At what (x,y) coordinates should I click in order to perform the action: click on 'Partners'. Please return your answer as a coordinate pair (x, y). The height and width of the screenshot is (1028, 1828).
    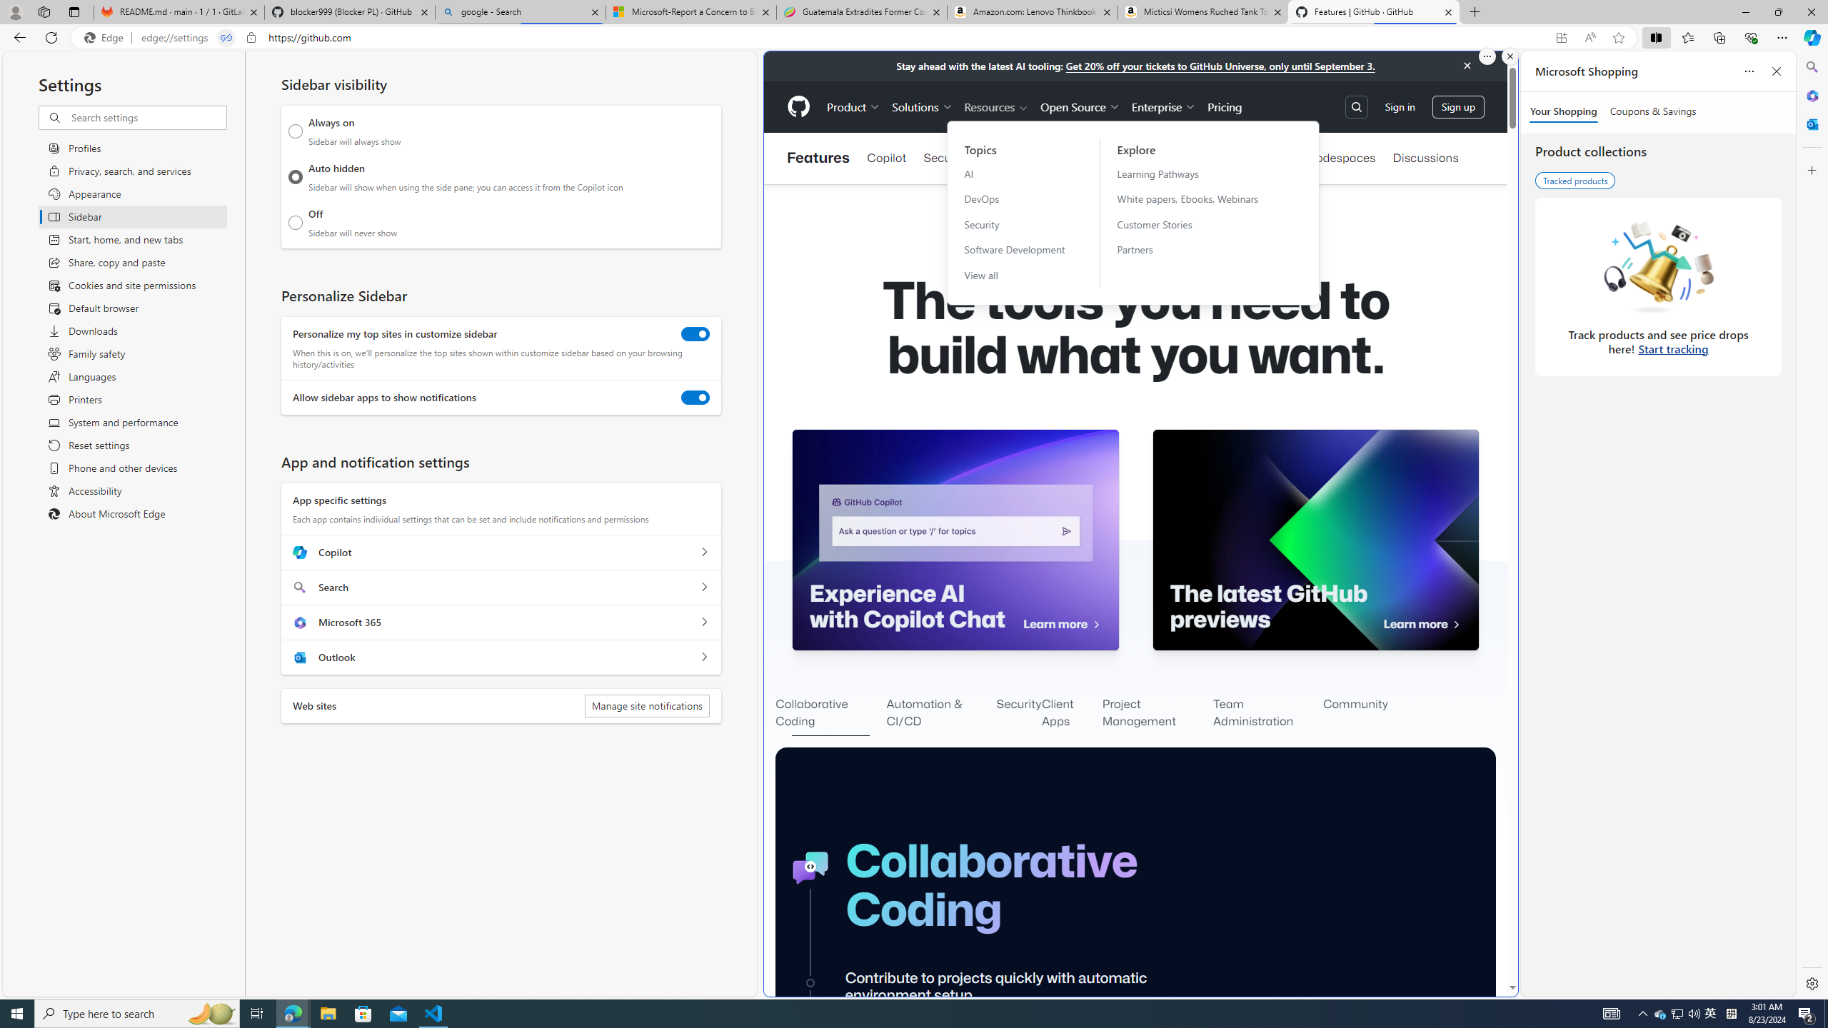
    Looking at the image, I should click on (1196, 249).